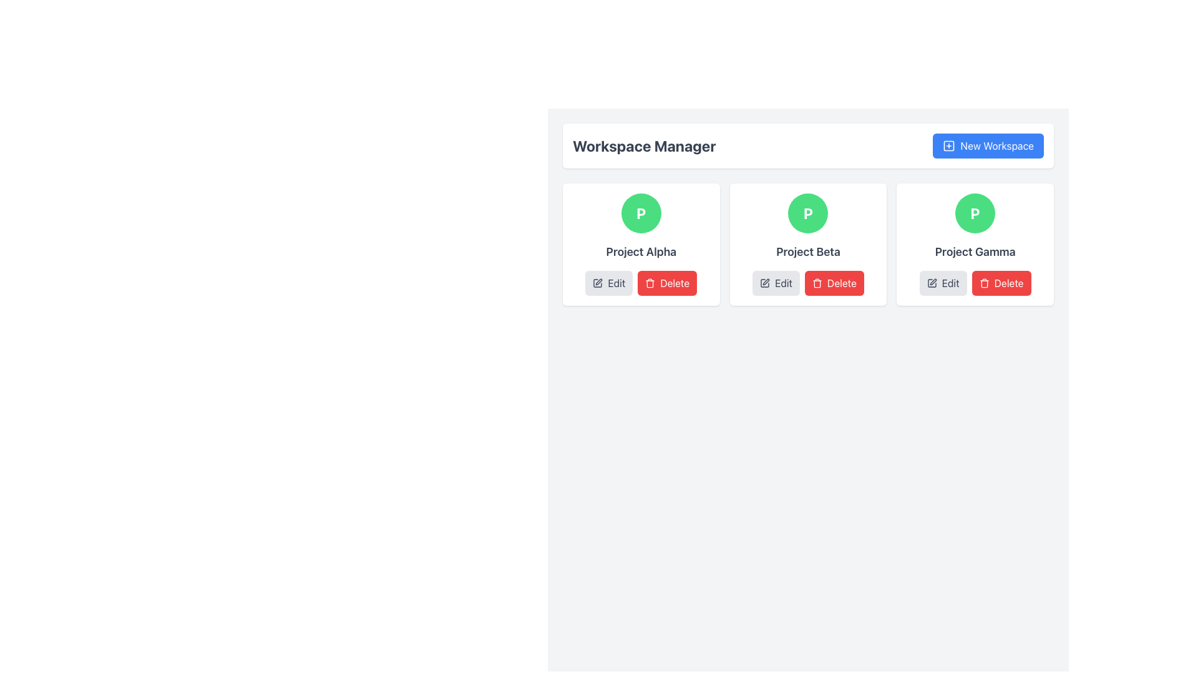  What do you see at coordinates (975, 252) in the screenshot?
I see `the text label displaying 'Project Gamma', which is styled in bold gray font and positioned below the circular green icon labeled 'P' and above the 'Edit' and 'Delete' buttons` at bounding box center [975, 252].